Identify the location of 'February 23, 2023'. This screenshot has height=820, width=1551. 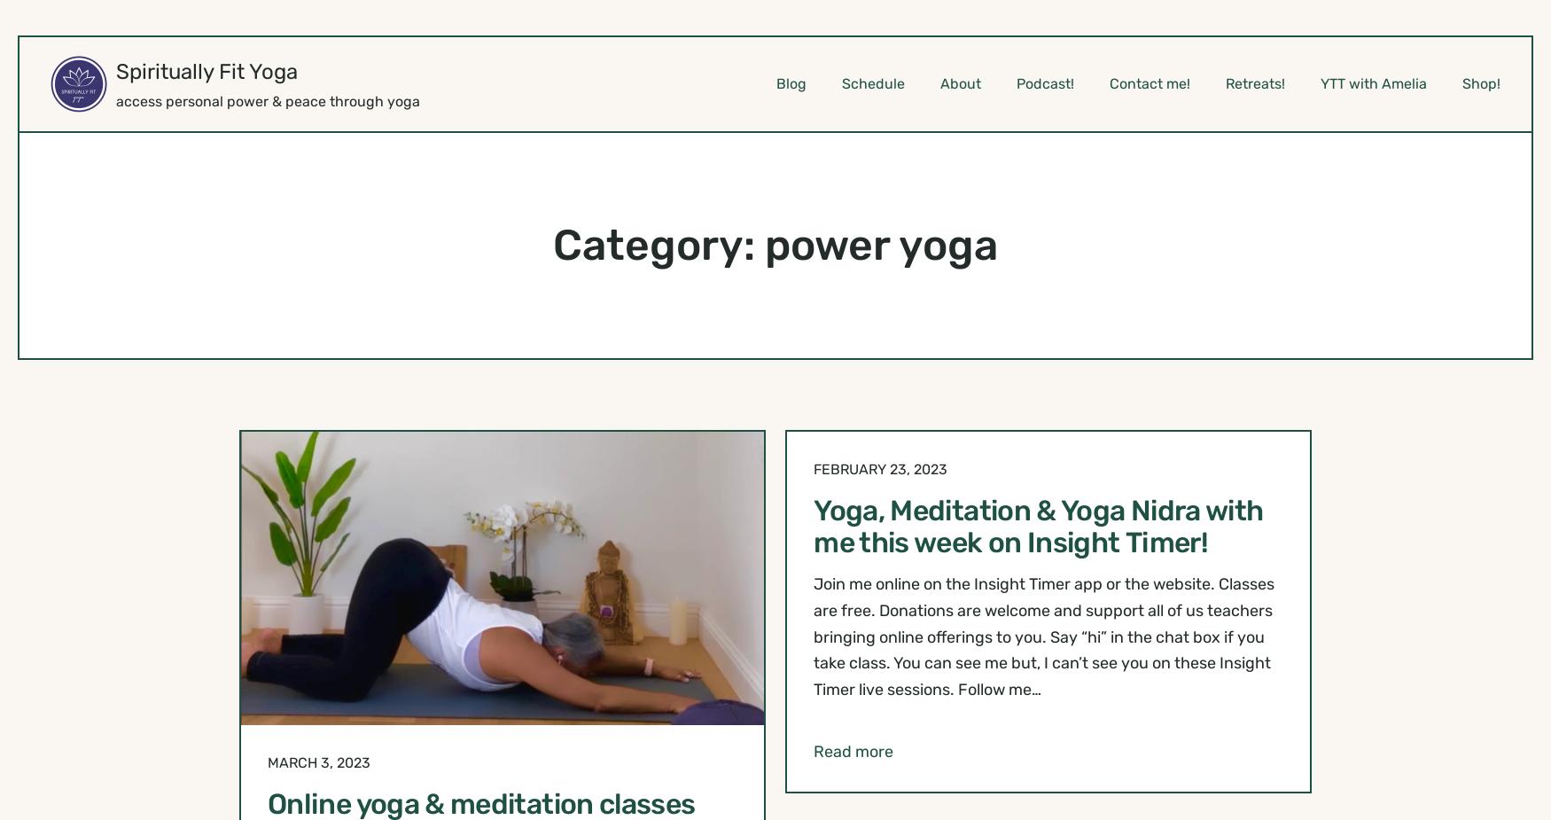
(813, 468).